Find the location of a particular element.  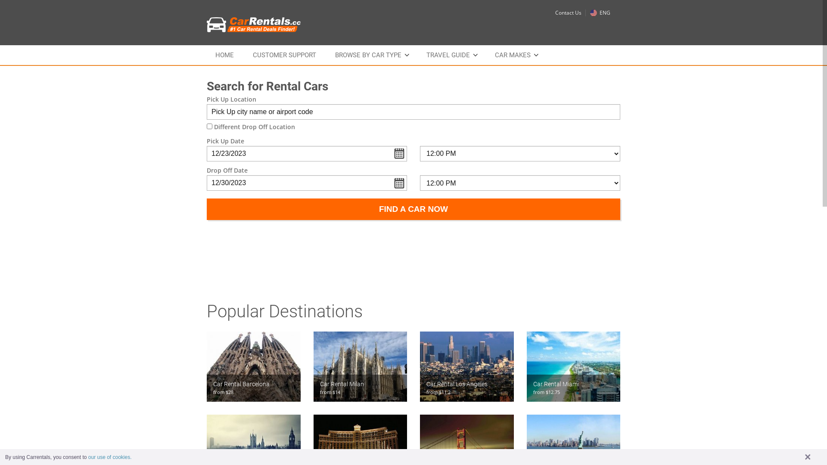

'TRAVEL GUIDE' is located at coordinates (451, 55).